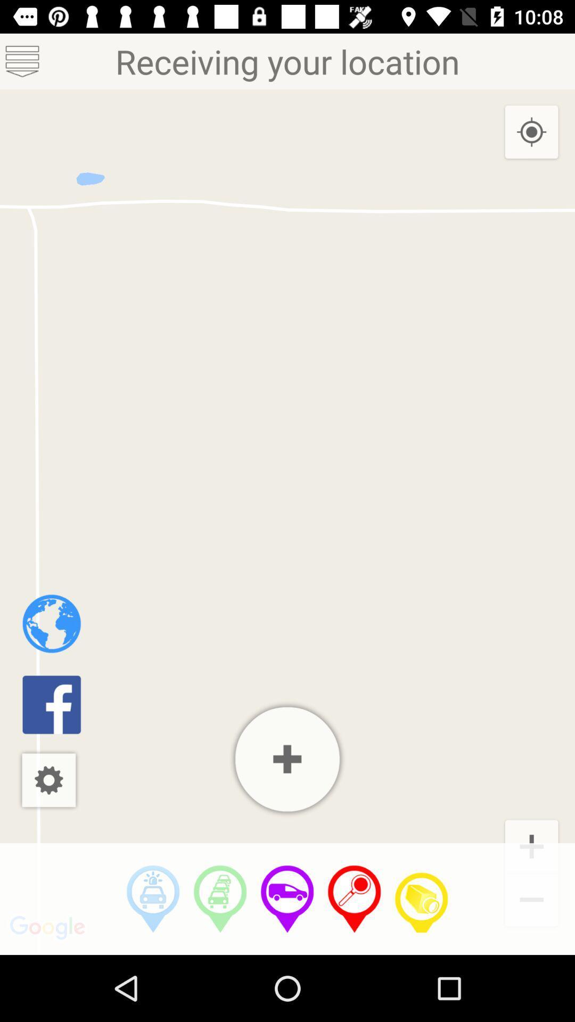  What do you see at coordinates (355, 899) in the screenshot?
I see `change location` at bounding box center [355, 899].